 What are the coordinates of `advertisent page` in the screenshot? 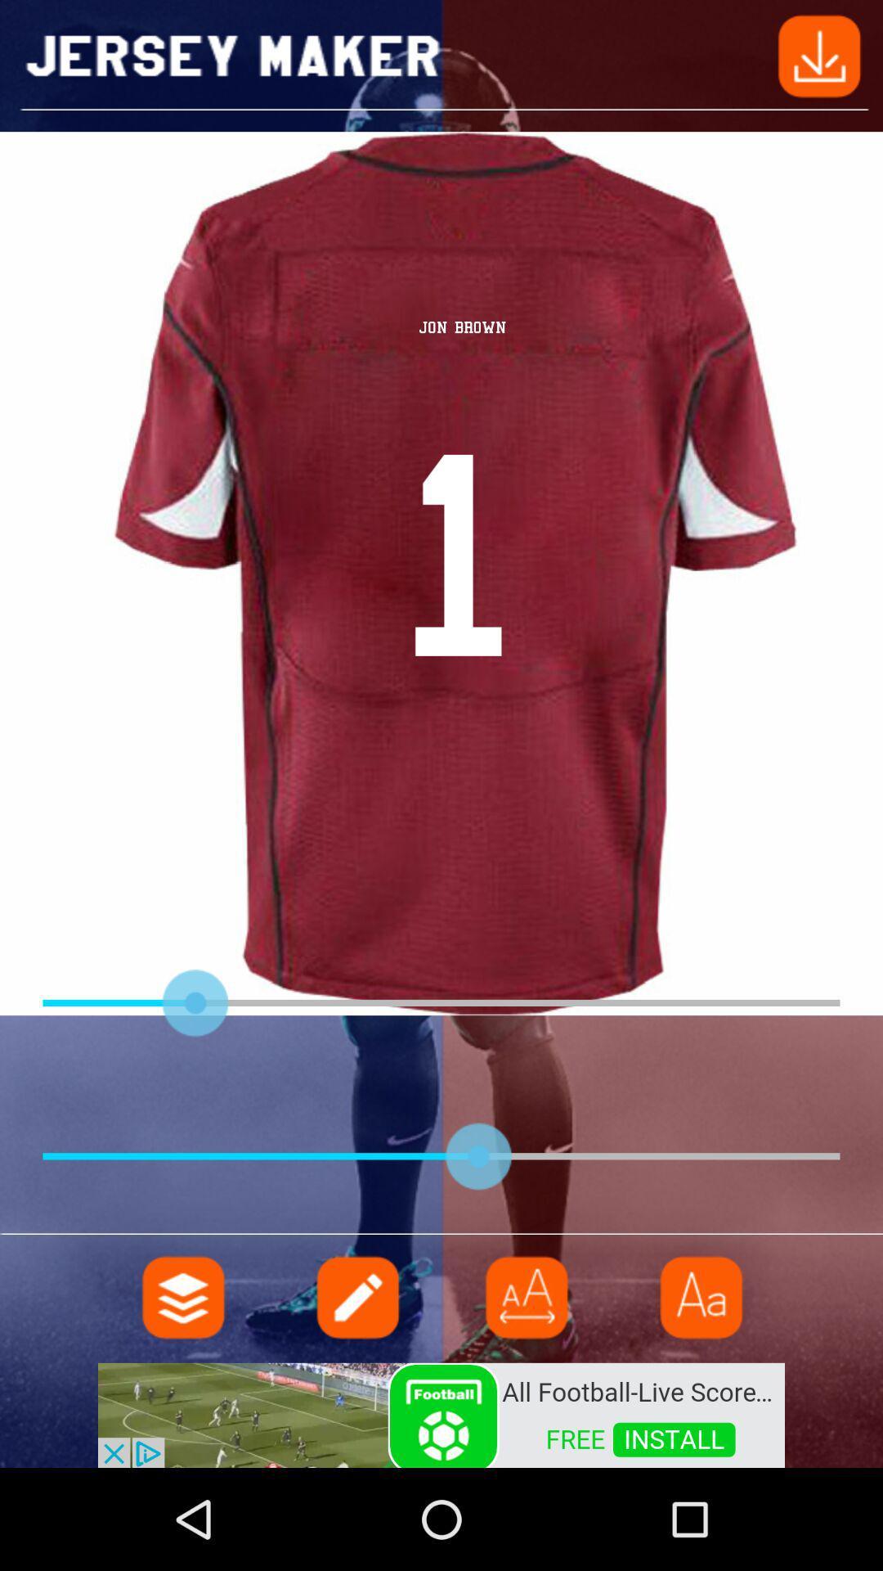 It's located at (441, 1413).